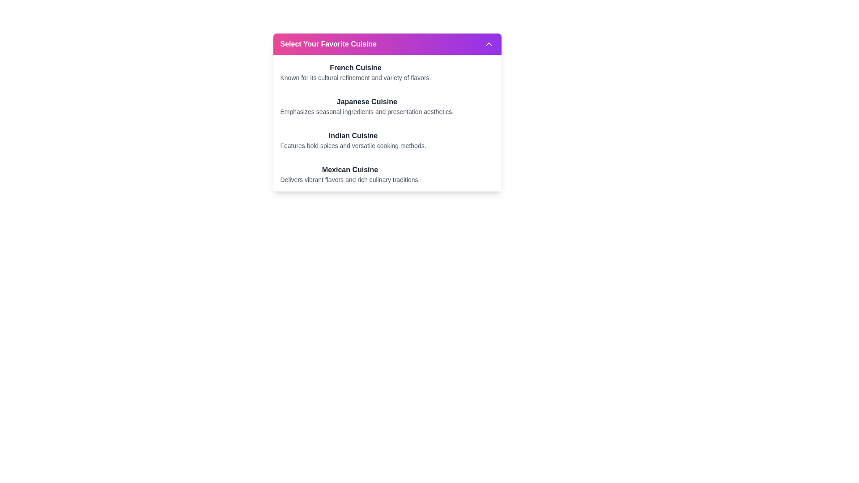  Describe the element at coordinates (387, 106) in the screenshot. I see `the static text display for 'Japanese Cuisine', which is the second item in a list under the header 'Select Your Favorite Cuisine'` at that location.